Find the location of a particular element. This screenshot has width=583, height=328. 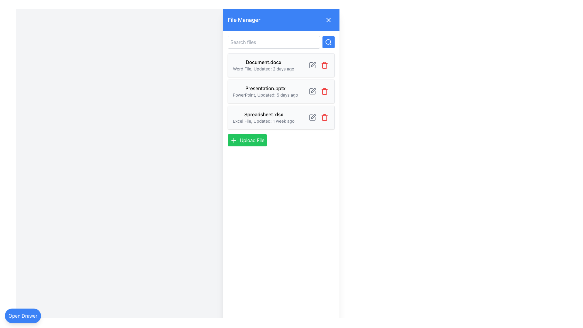

the text label reading 'Presentation.pptx' which is styled in a medium-weight font and appears in black color, located in the second file entry of the file management interface is located at coordinates (265, 88).